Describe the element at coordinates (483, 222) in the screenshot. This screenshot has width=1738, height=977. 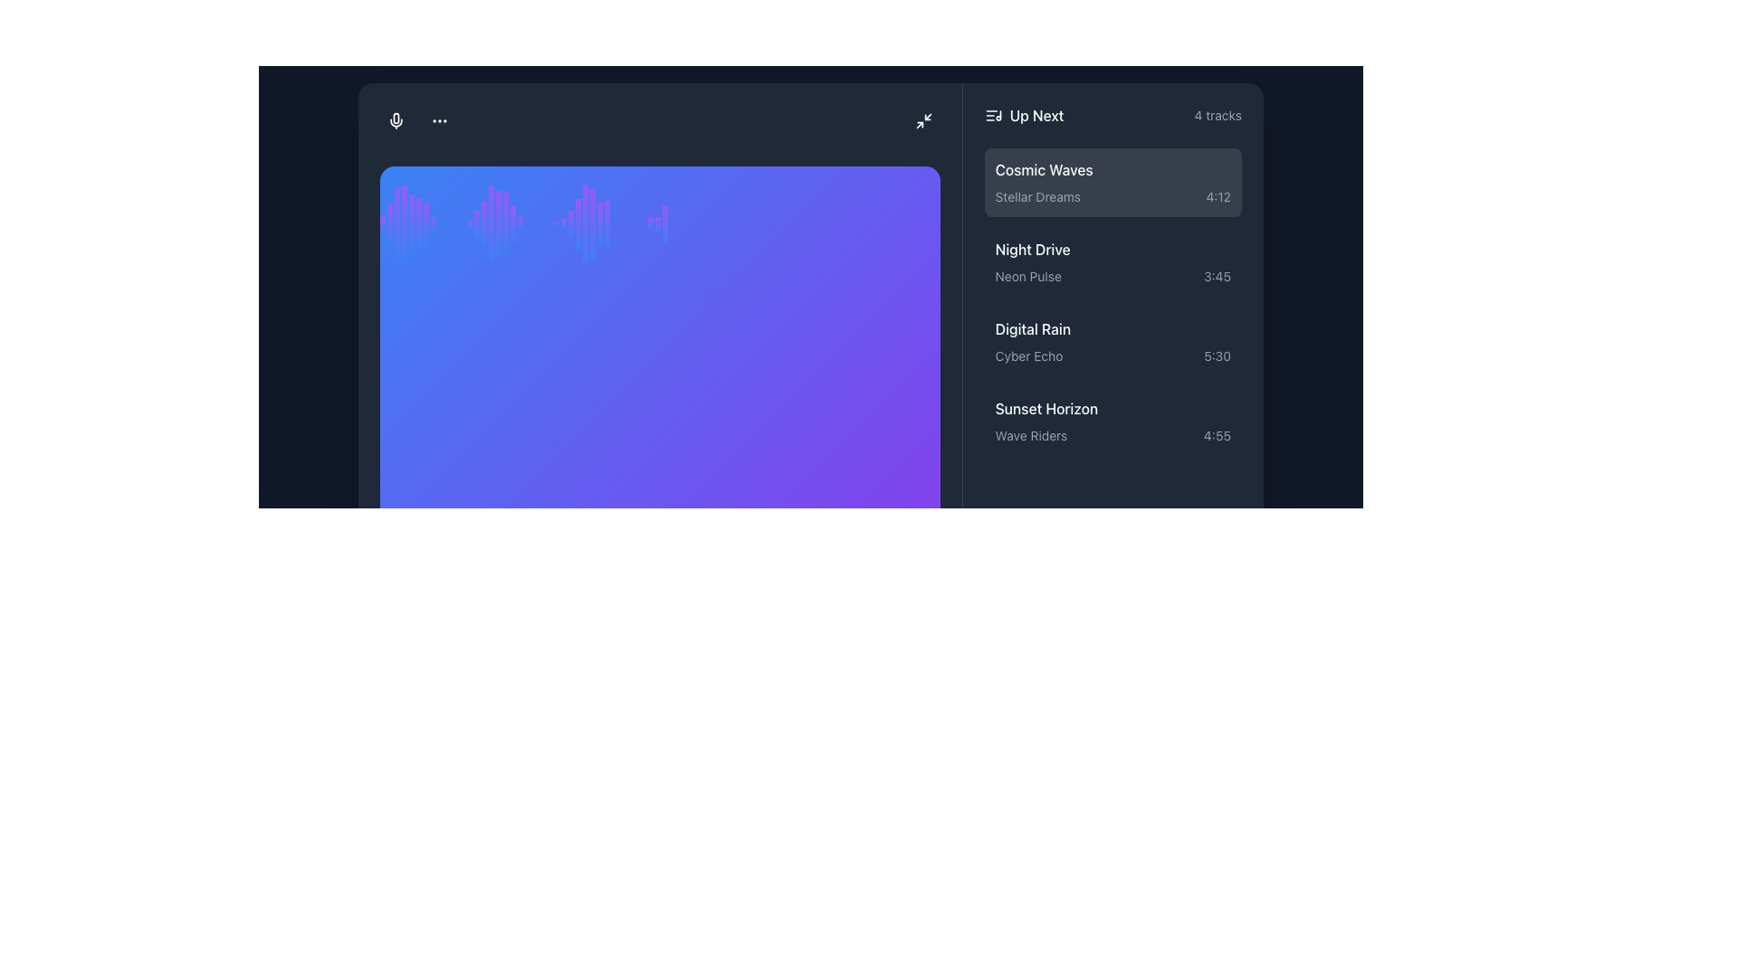
I see `the slim vertical bar with a gradient transitioning from blue at the base to purple at the top, which is the 16th element in a group of similar bars` at that location.